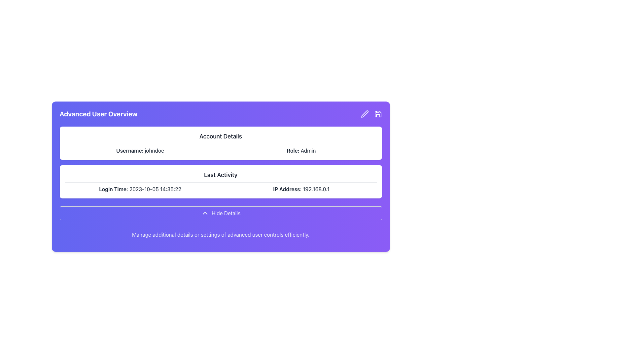 The image size is (634, 356). Describe the element at coordinates (154, 150) in the screenshot. I see `the non-interactive text element displaying the username, located to the right of the 'Username:' label in the 'Account Details' section` at that location.